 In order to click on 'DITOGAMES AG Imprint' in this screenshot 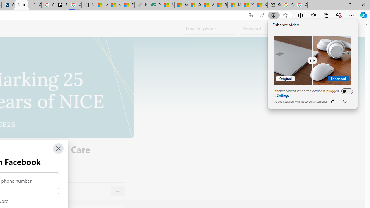, I will do `click(154, 5)`.